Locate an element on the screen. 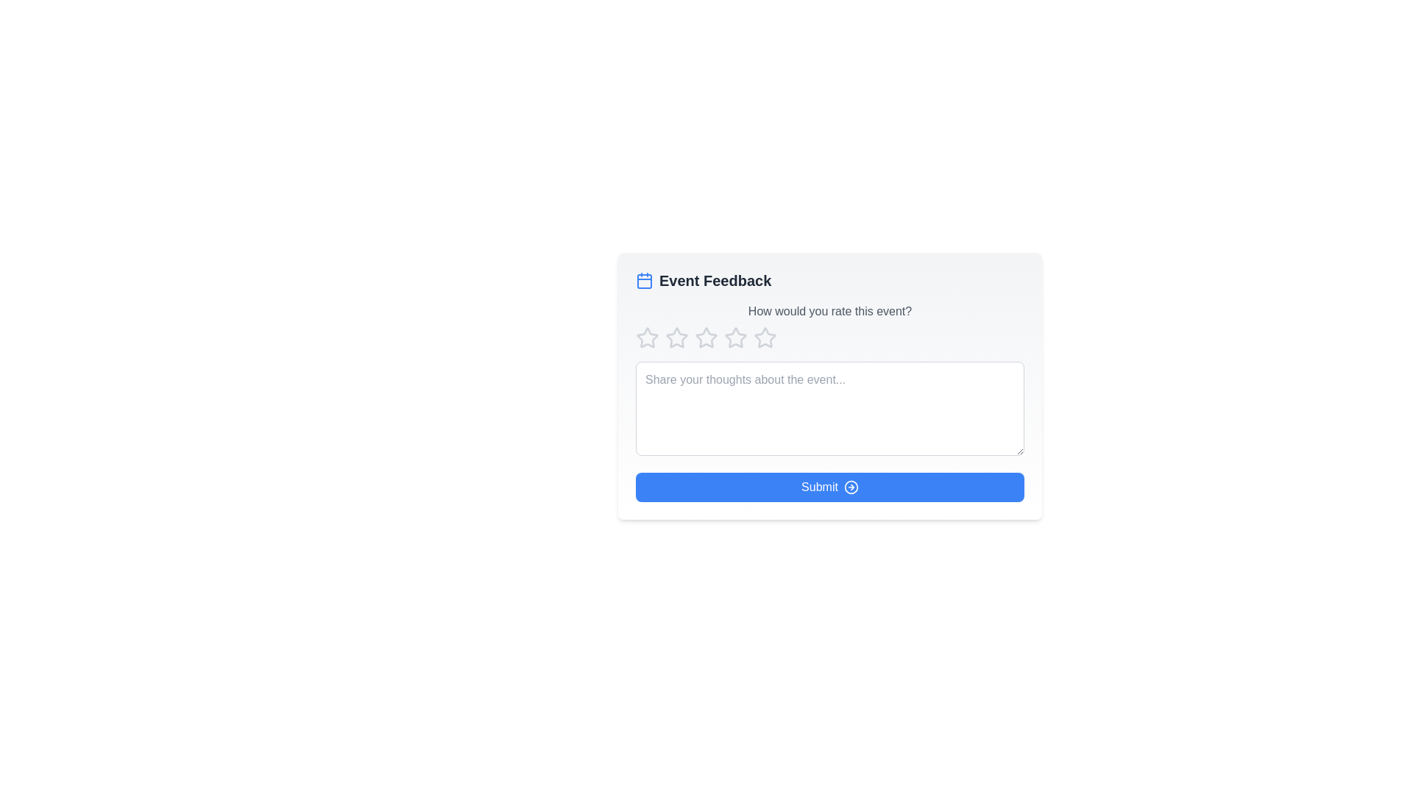  the second star icon in the rating section of the 'Event Feedback' interface is located at coordinates (706, 337).